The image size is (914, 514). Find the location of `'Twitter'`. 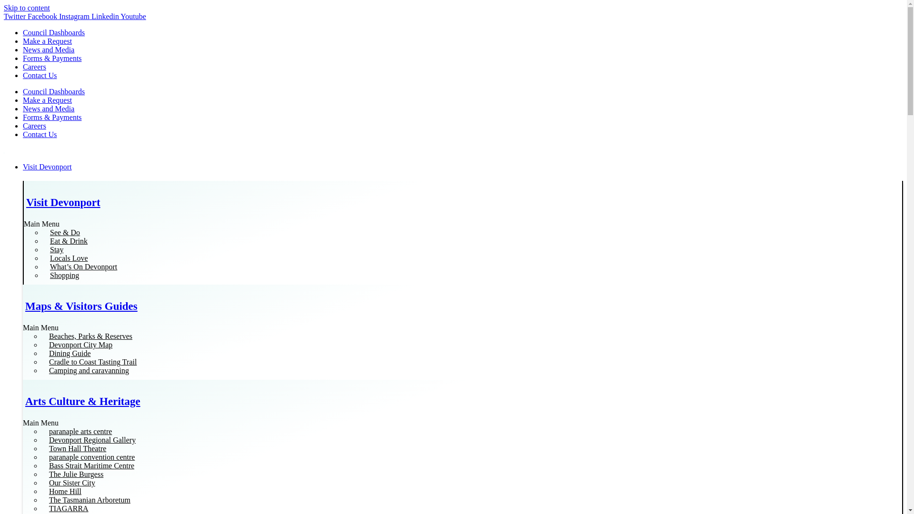

'Twitter' is located at coordinates (4, 16).